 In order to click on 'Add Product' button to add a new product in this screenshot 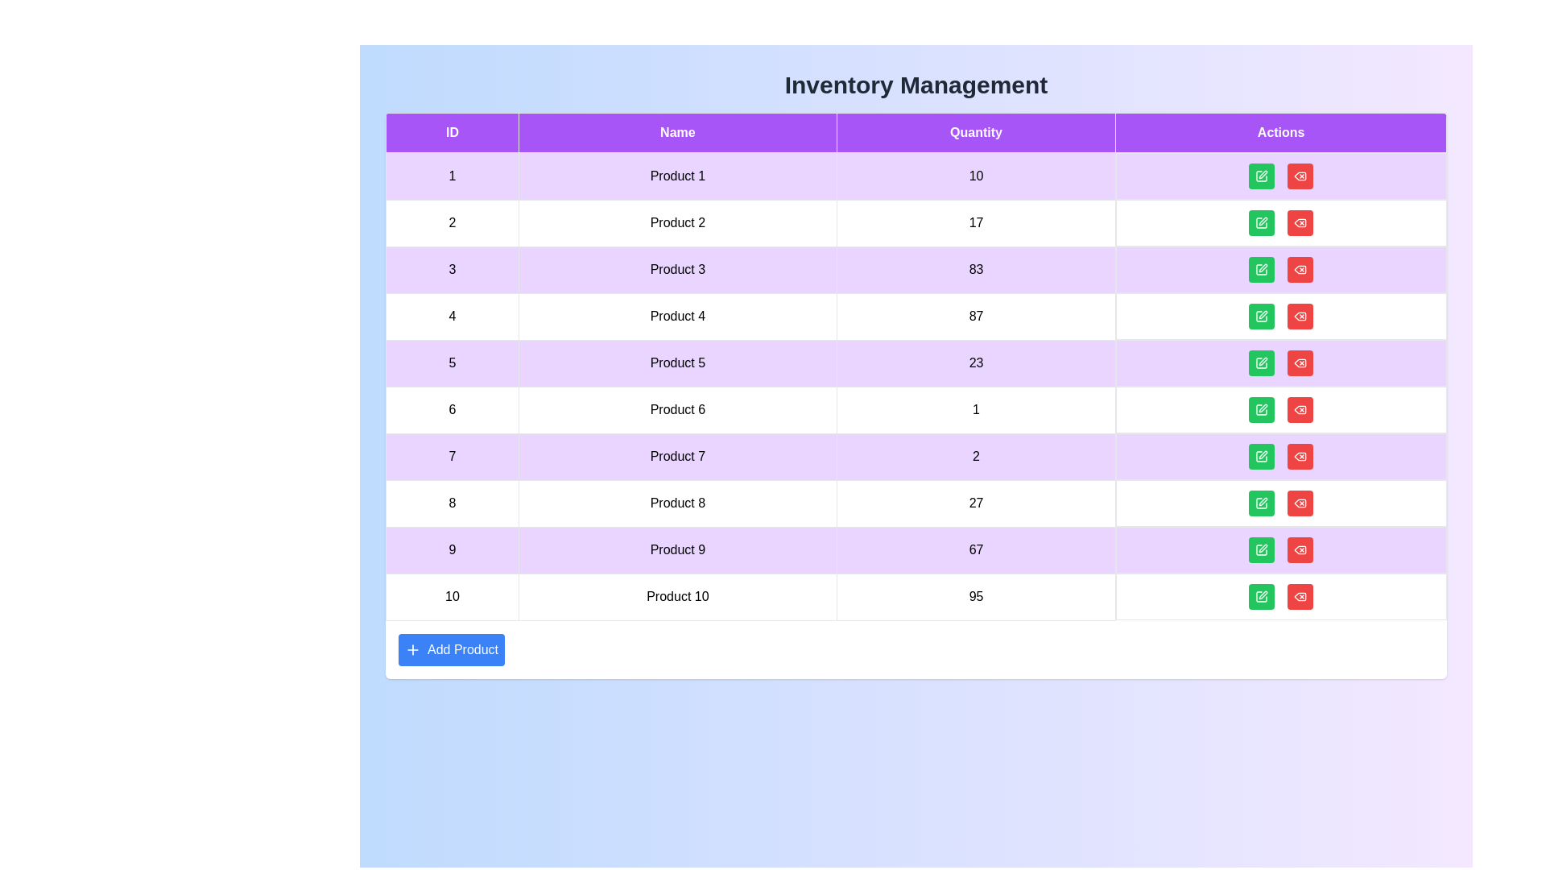, I will do `click(451, 648)`.